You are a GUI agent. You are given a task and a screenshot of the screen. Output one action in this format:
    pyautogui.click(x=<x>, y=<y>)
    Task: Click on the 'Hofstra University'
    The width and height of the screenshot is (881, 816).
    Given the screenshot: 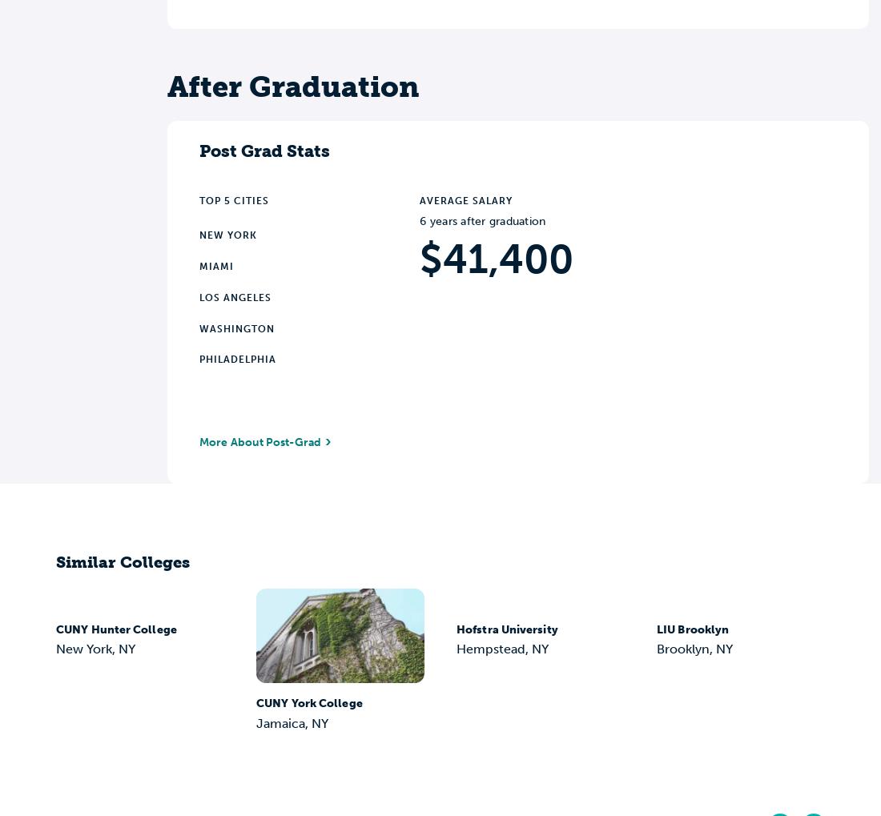 What is the action you would take?
    pyautogui.click(x=507, y=628)
    